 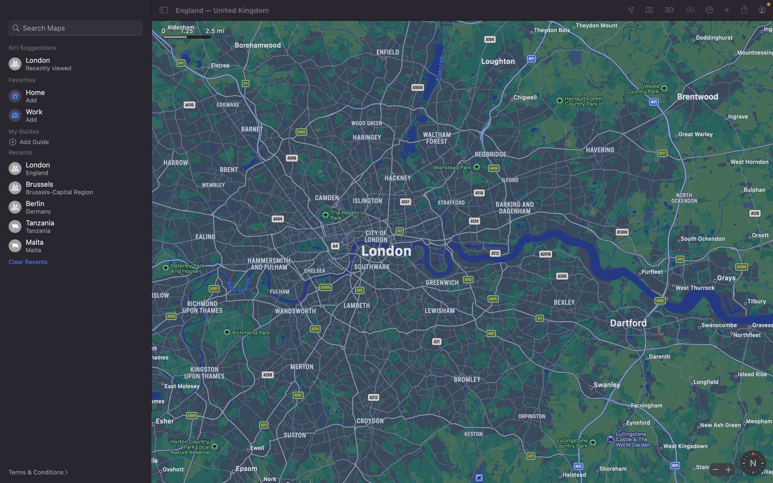 What do you see at coordinates (76, 27) in the screenshot?
I see `Locate local accommodations` at bounding box center [76, 27].